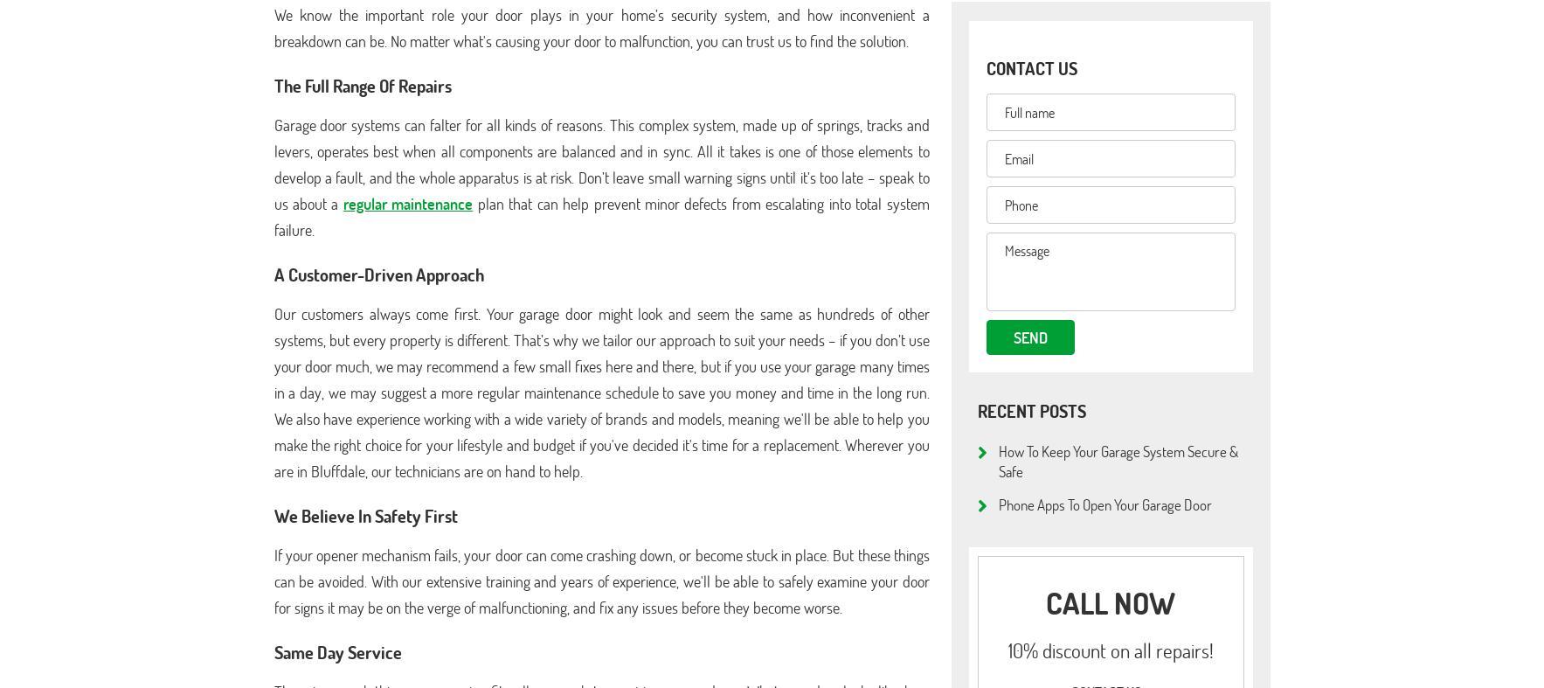  Describe the element at coordinates (407, 204) in the screenshot. I see `'regular maintenance'` at that location.